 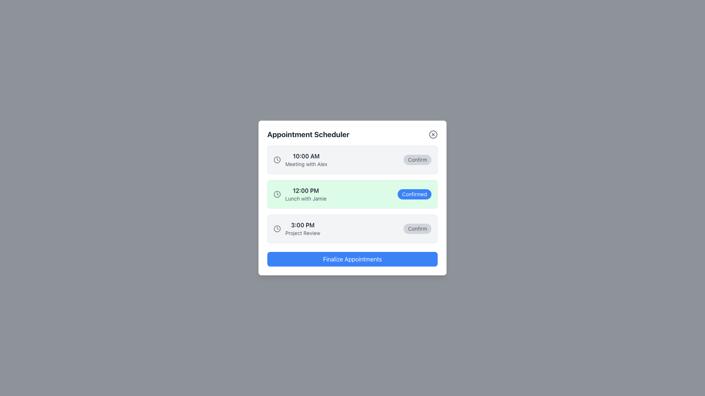 I want to click on the Text and Icon Group that displays the scheduled event's time and description, located in the center of the scheduler interface, between '10:00 AM Meeting with Alex' and '3:00 PM Project Review', so click(x=300, y=194).